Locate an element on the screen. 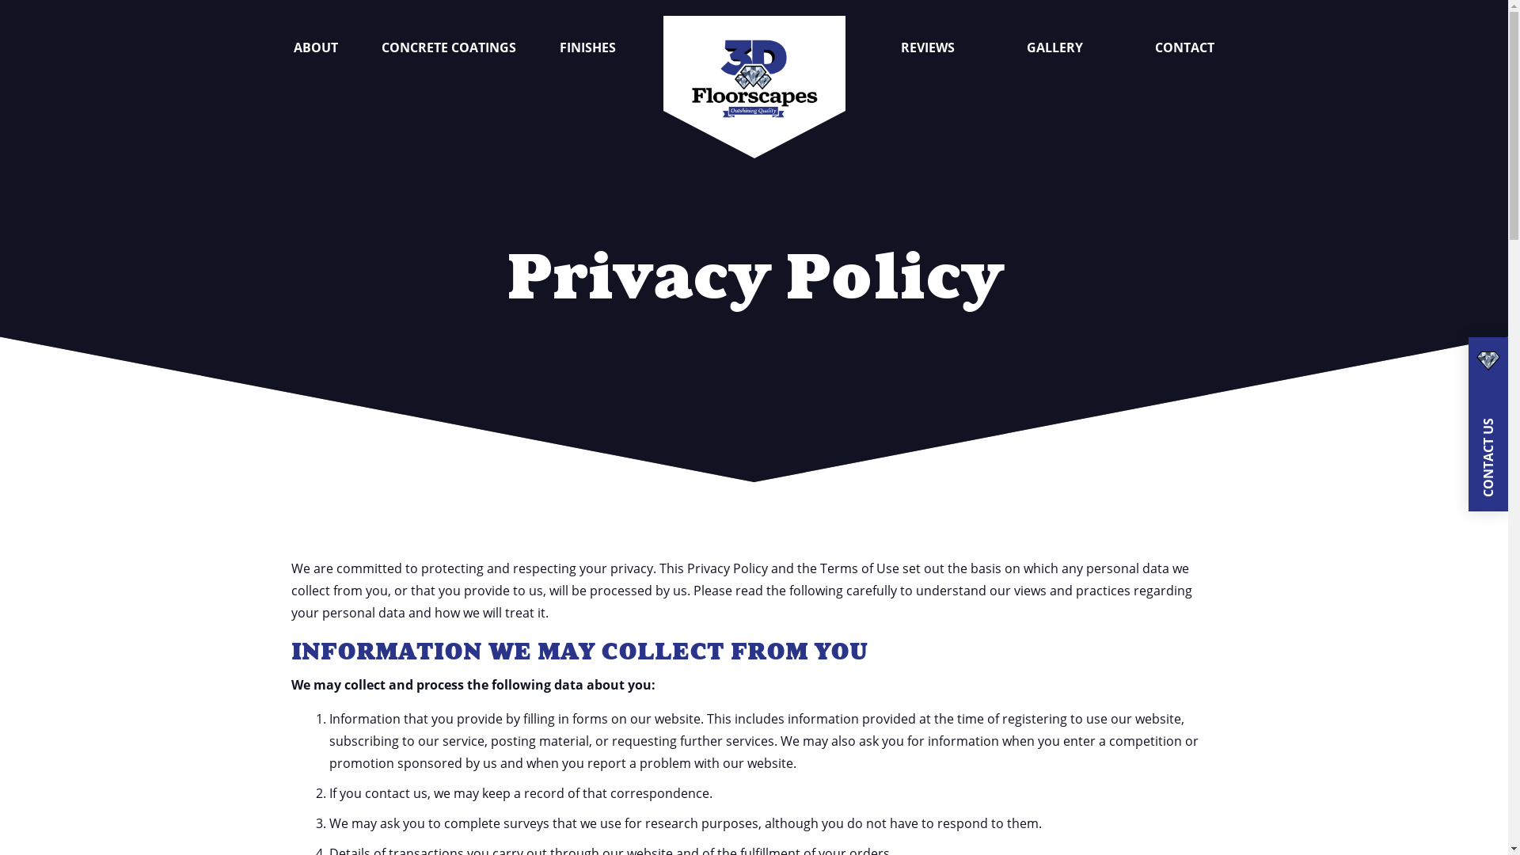 The width and height of the screenshot is (1520, 855). 'ABOUT' is located at coordinates (281, 47).